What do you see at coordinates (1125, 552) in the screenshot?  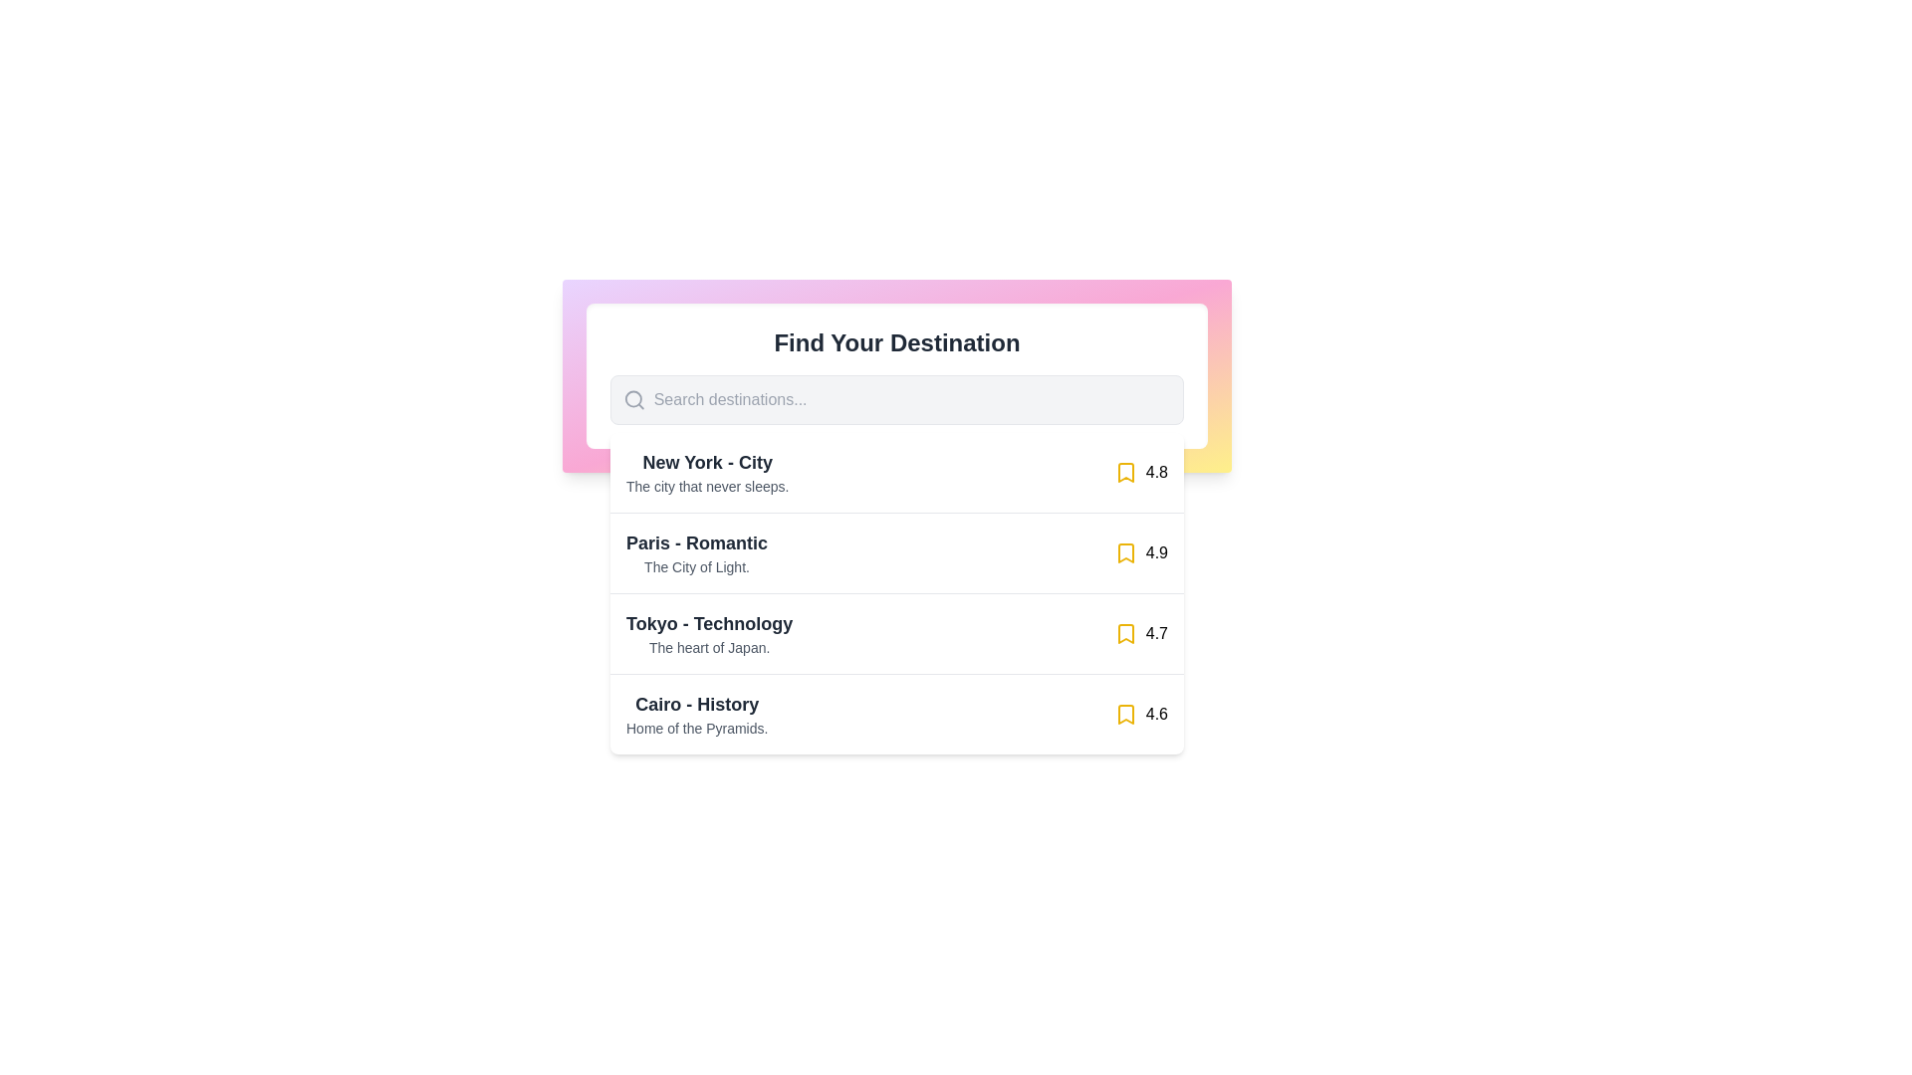 I see `the yellow bookmark icon located to the far right of the 'Paris - Romantic' list item` at bounding box center [1125, 552].